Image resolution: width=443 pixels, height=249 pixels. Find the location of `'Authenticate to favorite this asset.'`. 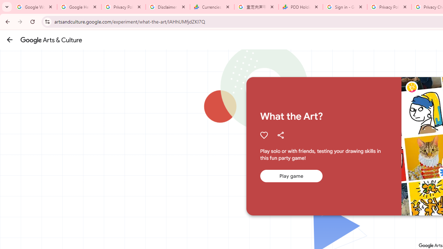

'Authenticate to favorite this asset.' is located at coordinates (263, 135).